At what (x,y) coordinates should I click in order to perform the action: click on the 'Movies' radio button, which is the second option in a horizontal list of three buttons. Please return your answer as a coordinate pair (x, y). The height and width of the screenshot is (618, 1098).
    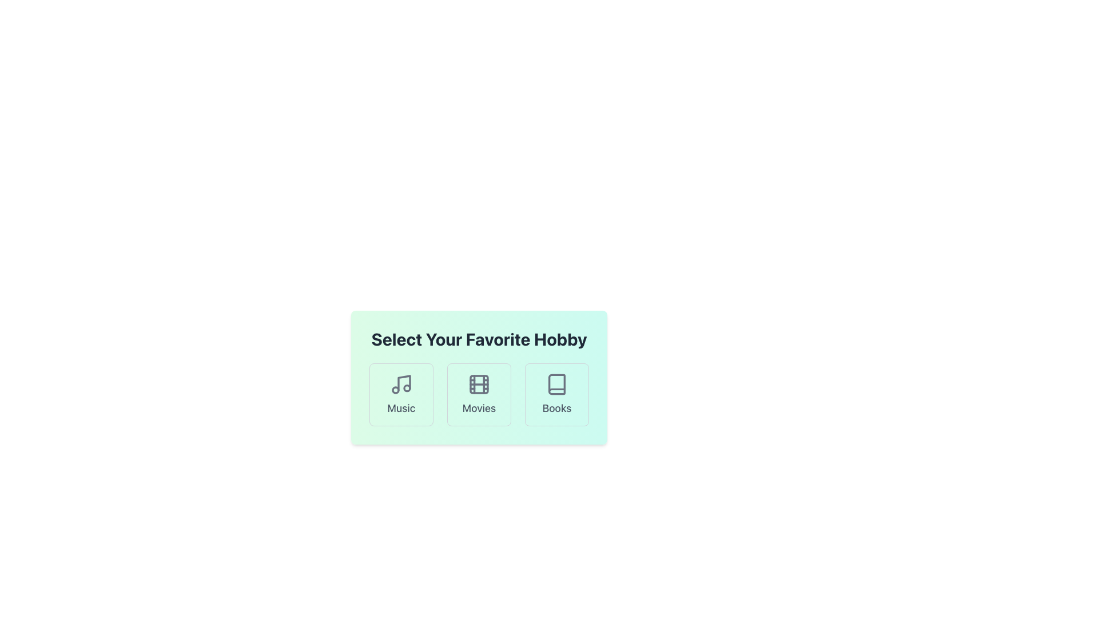
    Looking at the image, I should click on (479, 394).